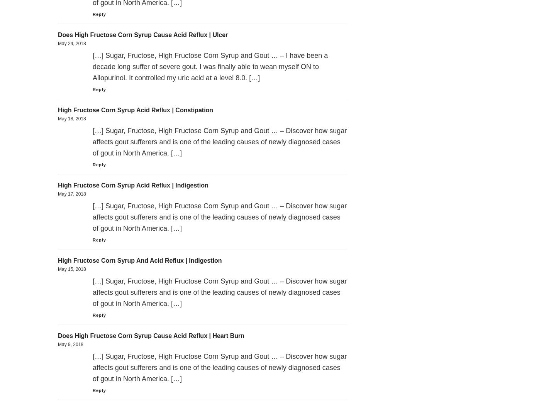 This screenshot has height=407, width=556. Describe the element at coordinates (72, 269) in the screenshot. I see `'May 15, 2018'` at that location.